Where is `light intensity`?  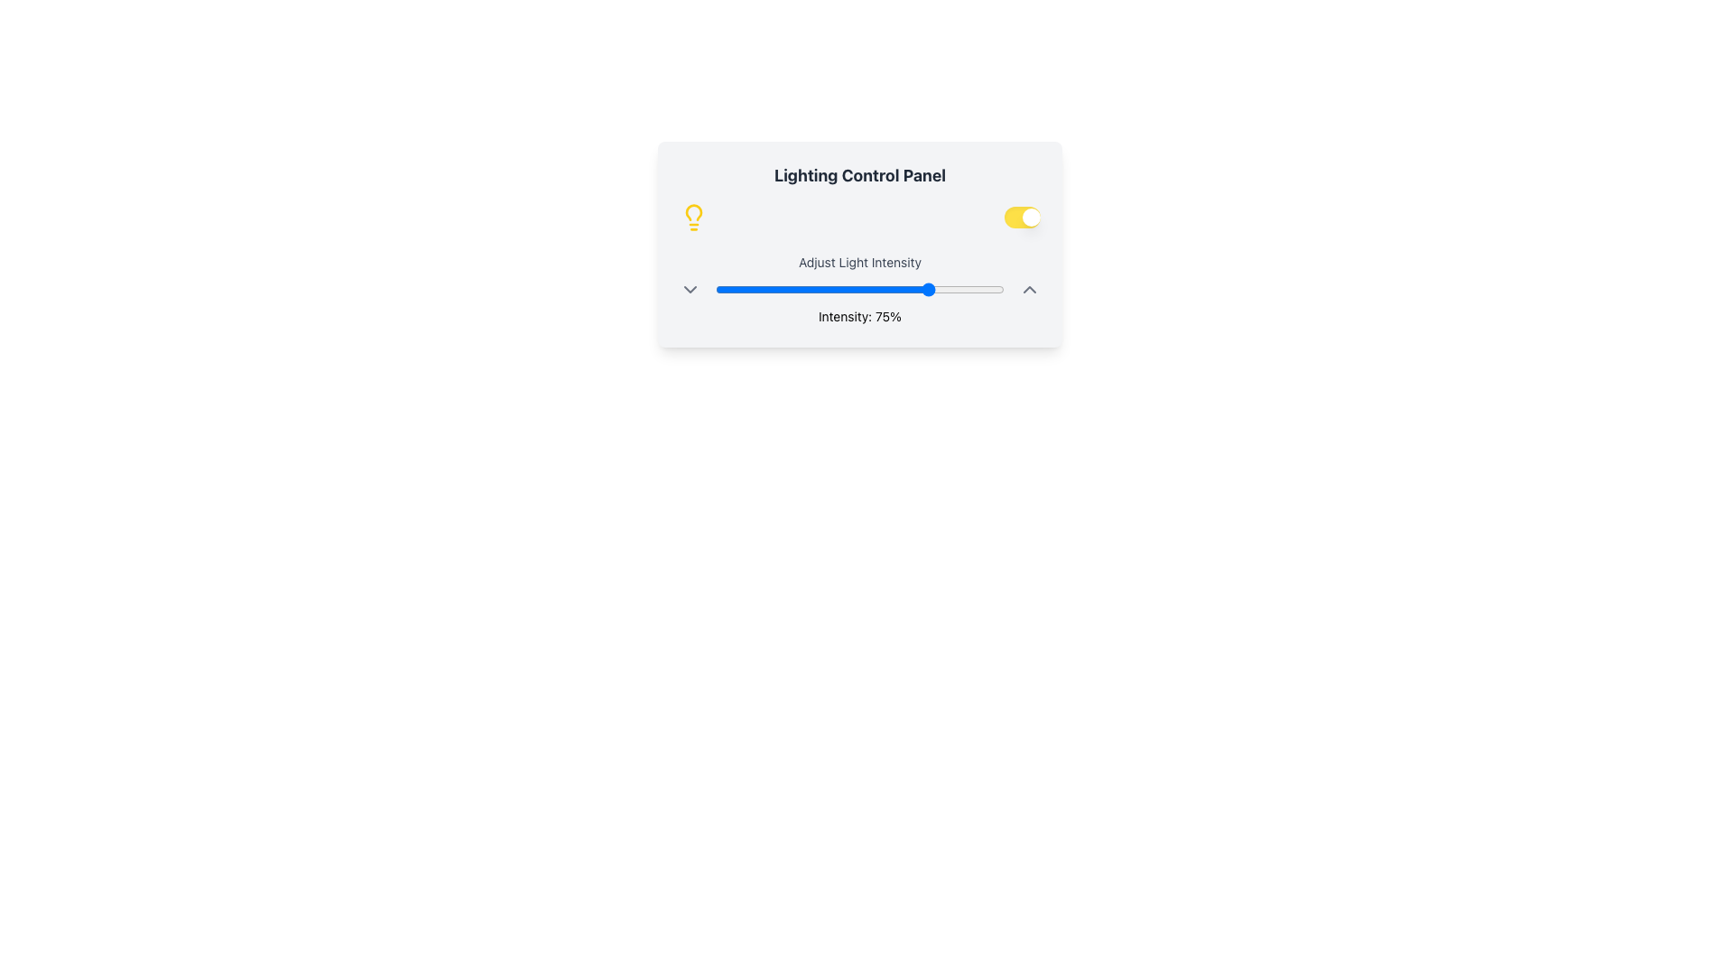 light intensity is located at coordinates (793, 288).